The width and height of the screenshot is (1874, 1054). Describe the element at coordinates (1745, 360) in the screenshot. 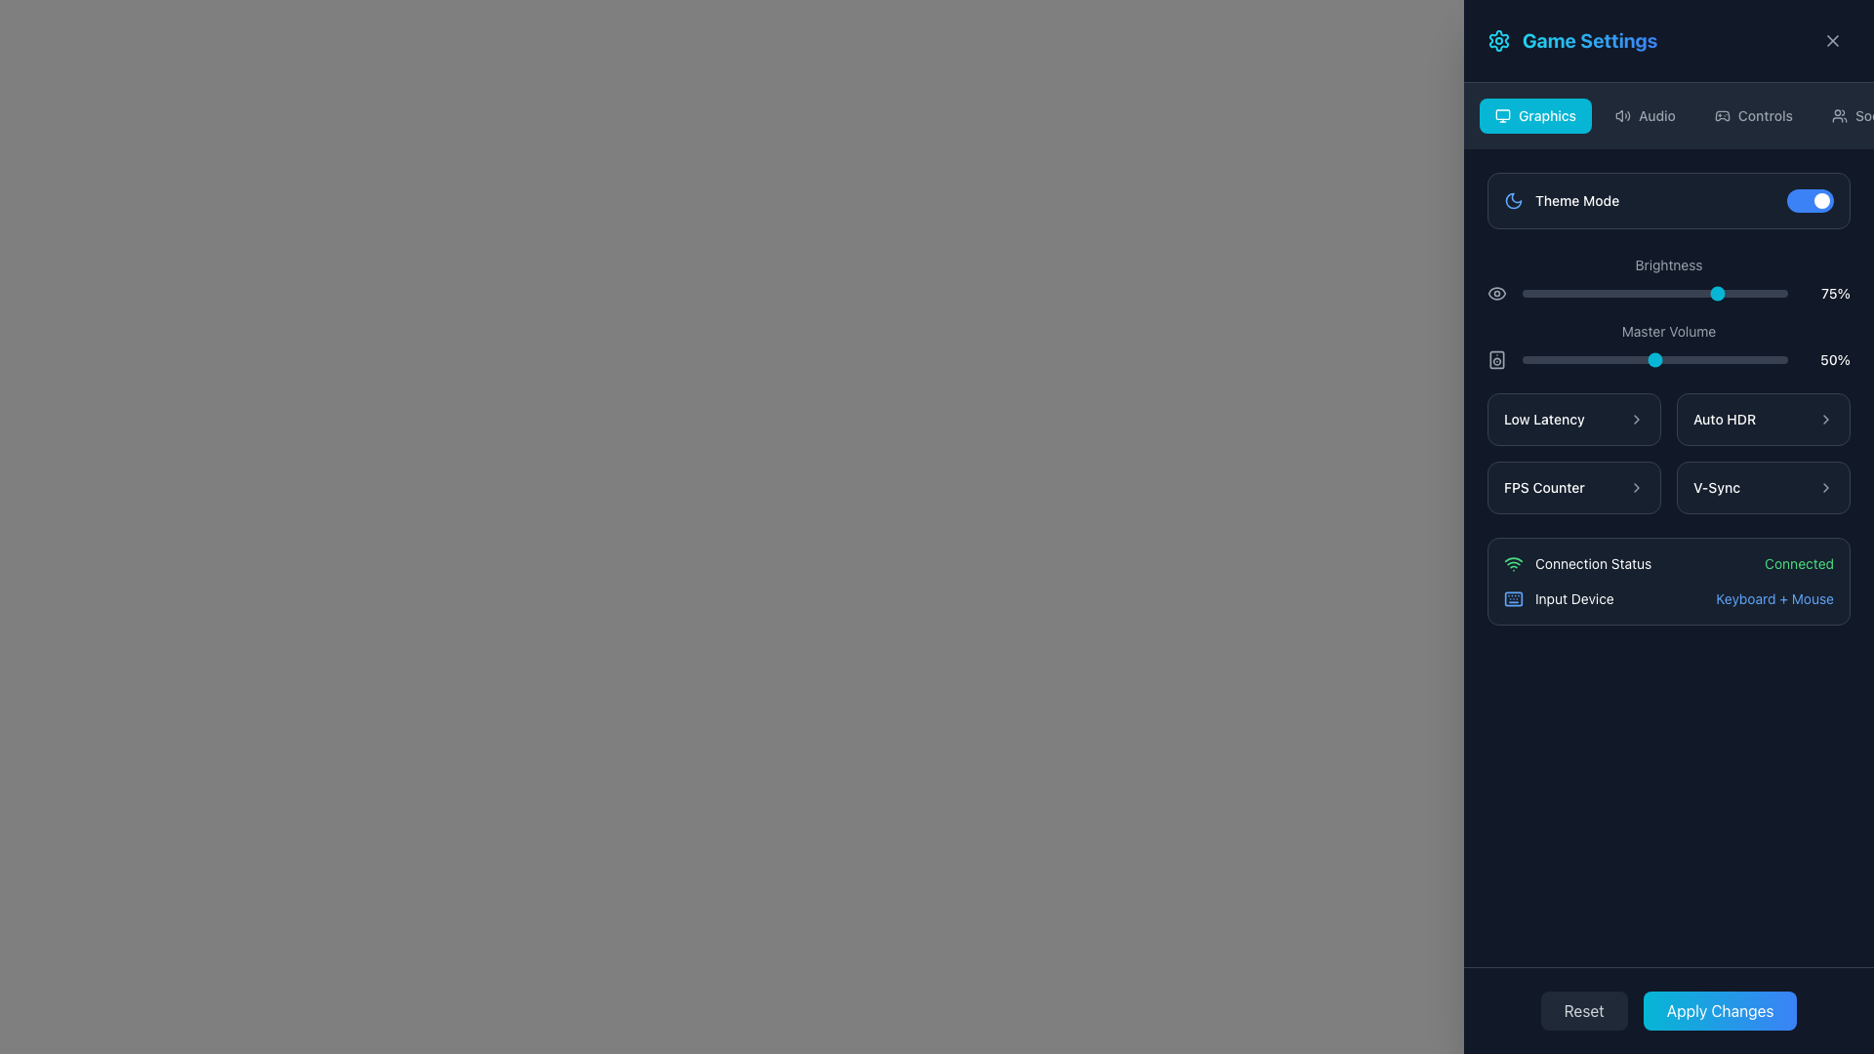

I see `the master volume` at that location.